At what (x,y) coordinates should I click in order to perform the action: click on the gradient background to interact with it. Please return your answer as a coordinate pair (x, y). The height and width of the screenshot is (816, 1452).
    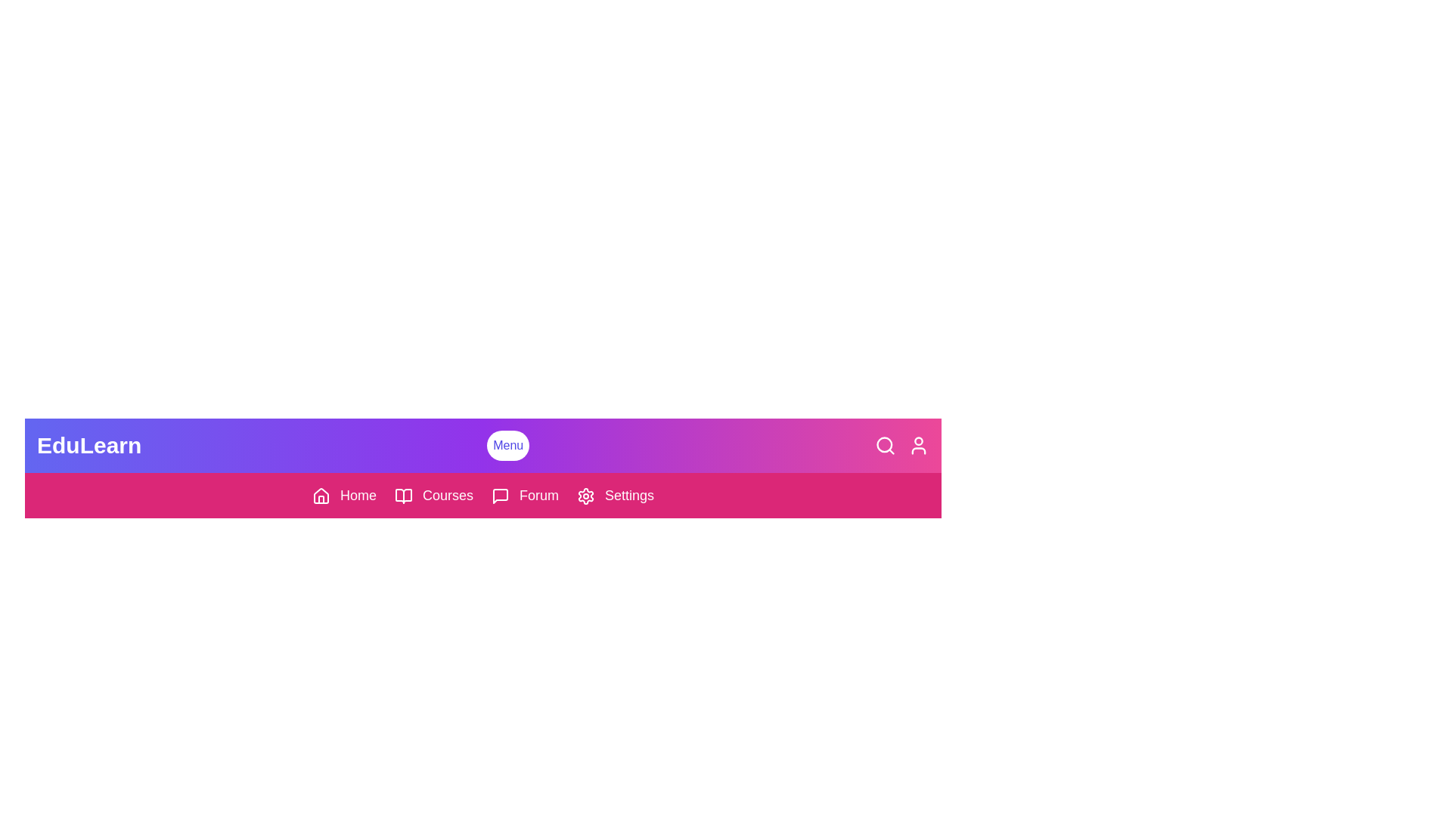
    Looking at the image, I should click on (580, 468).